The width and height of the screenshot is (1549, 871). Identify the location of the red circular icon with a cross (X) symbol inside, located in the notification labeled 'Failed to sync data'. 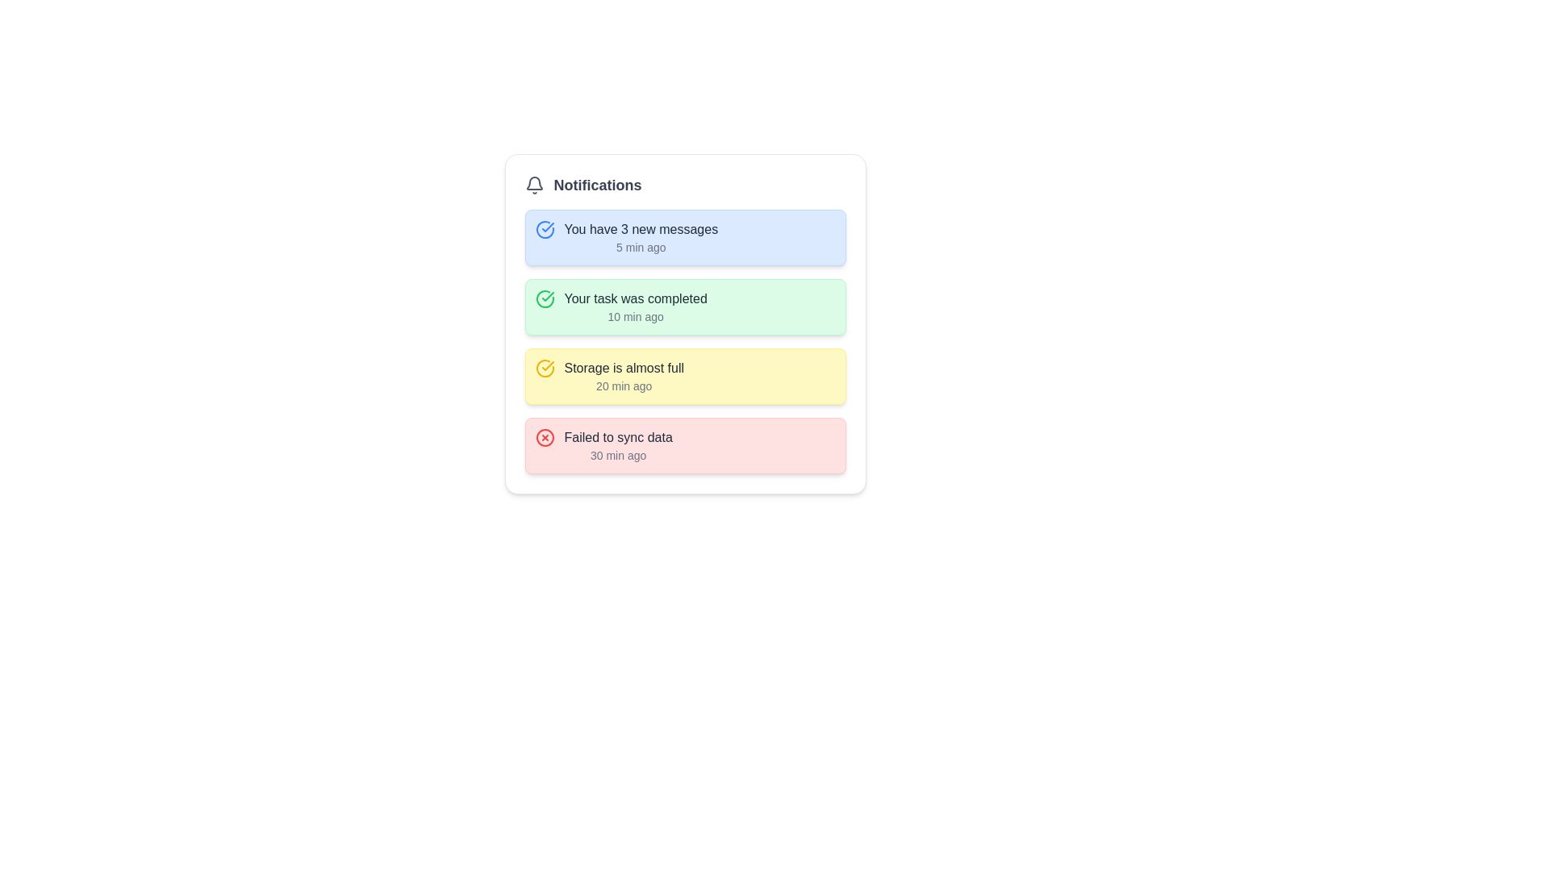
(545, 438).